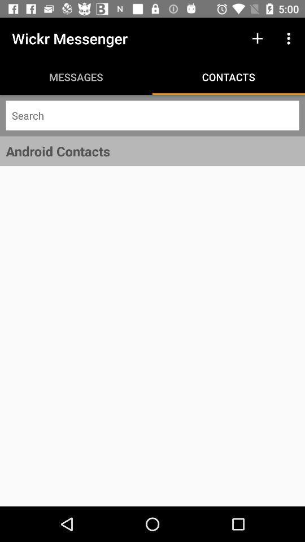  Describe the element at coordinates (152, 150) in the screenshot. I see `android contacts item` at that location.